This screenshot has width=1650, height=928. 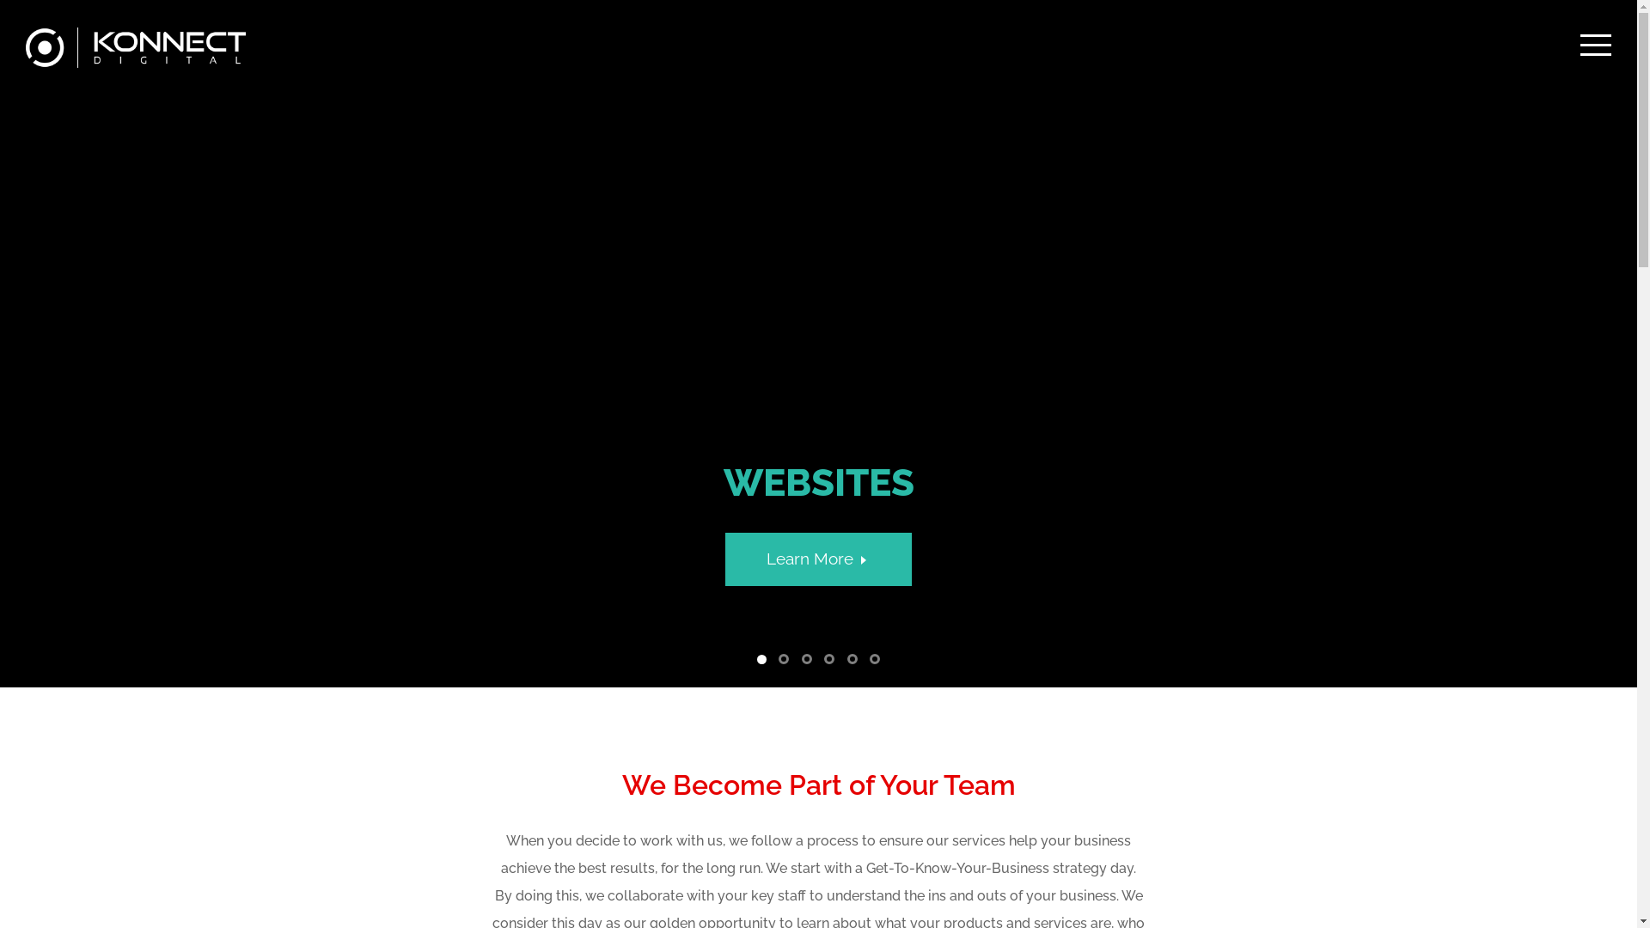 I want to click on 'Learn More', so click(x=818, y=559).